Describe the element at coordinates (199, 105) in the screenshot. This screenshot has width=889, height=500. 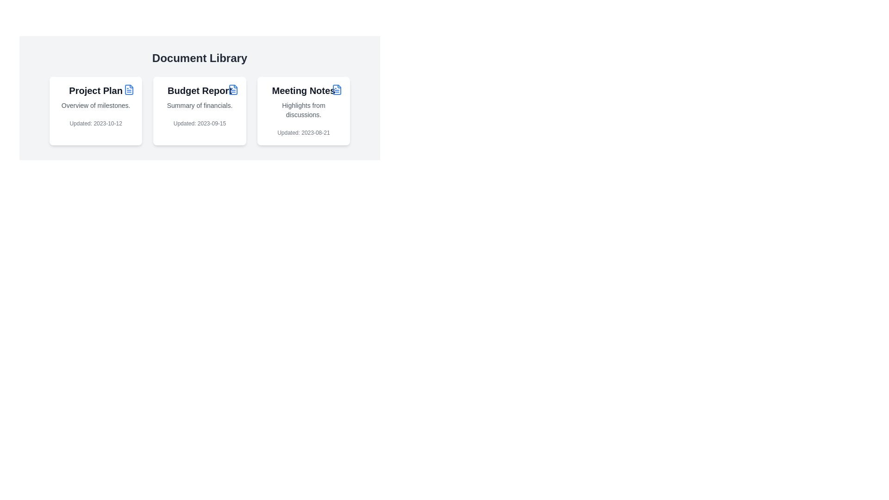
I see `the static text element displaying 'Summary of financials.' located below the title 'Budget Report' in the middle card of three cards` at that location.